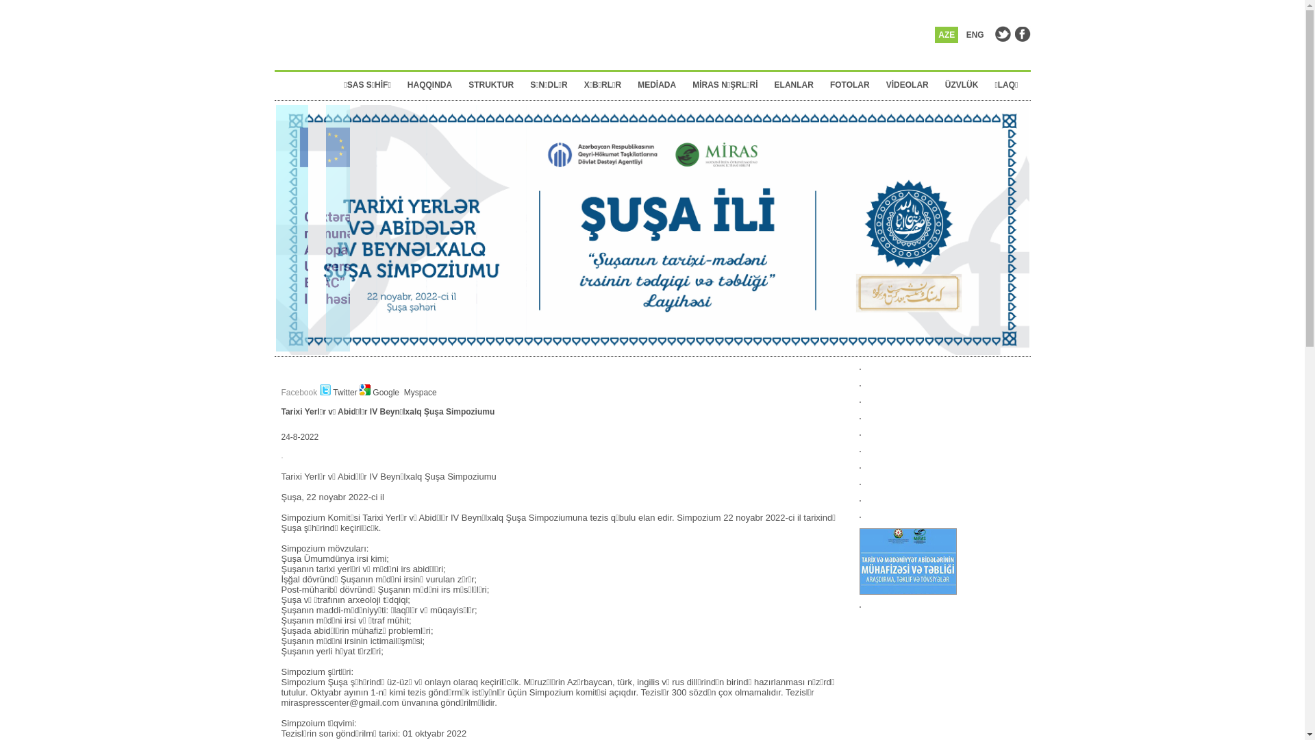 This screenshot has height=740, width=1315. Describe the element at coordinates (798, 84) in the screenshot. I see `'ELANLAR'` at that location.